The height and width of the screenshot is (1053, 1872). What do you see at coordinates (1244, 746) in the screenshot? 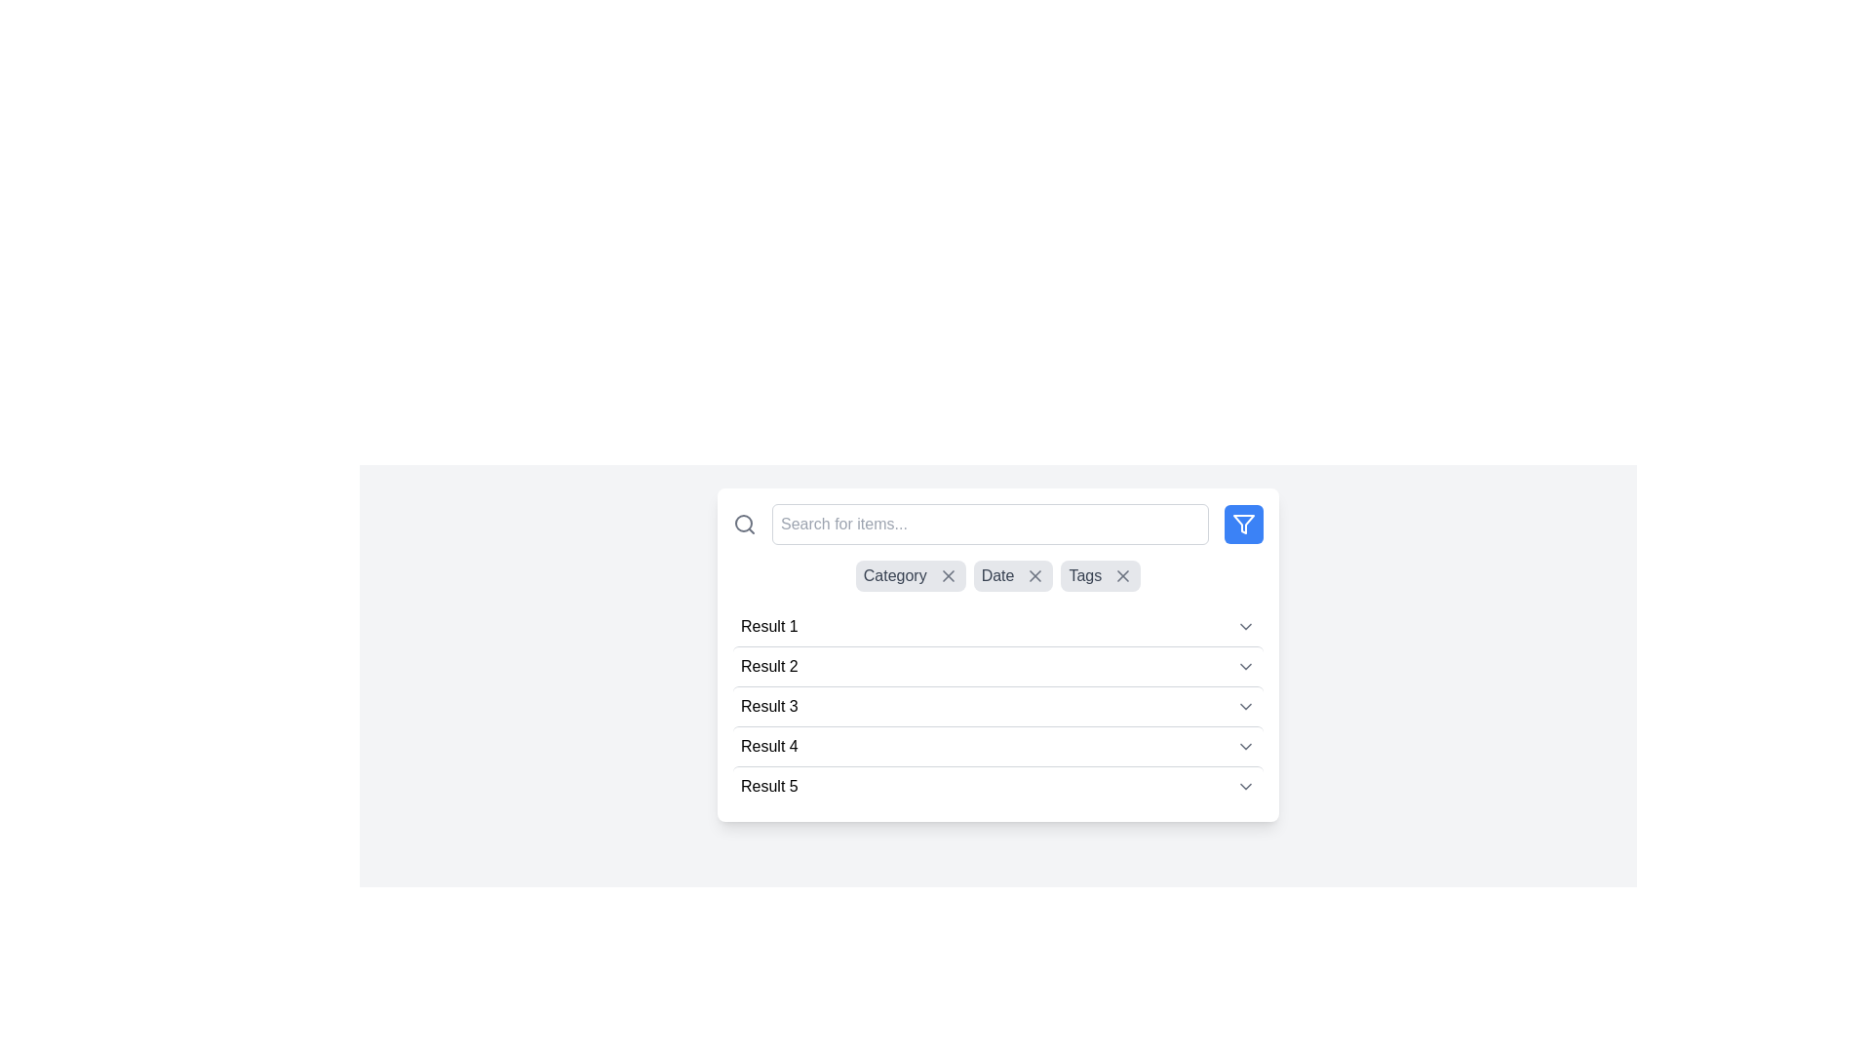
I see `the dropdown toggle icon located at the extreme right of the 'Result 4' row` at bounding box center [1244, 746].